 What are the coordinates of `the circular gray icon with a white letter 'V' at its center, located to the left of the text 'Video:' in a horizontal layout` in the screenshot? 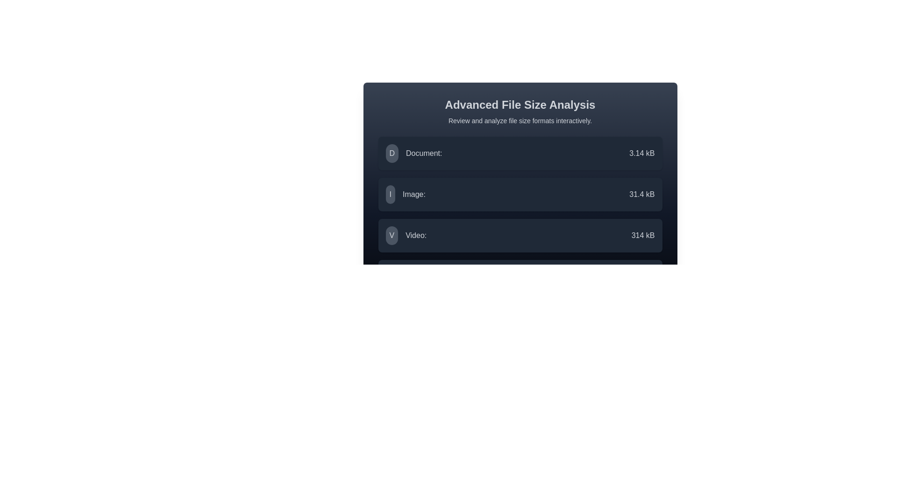 It's located at (392, 235).